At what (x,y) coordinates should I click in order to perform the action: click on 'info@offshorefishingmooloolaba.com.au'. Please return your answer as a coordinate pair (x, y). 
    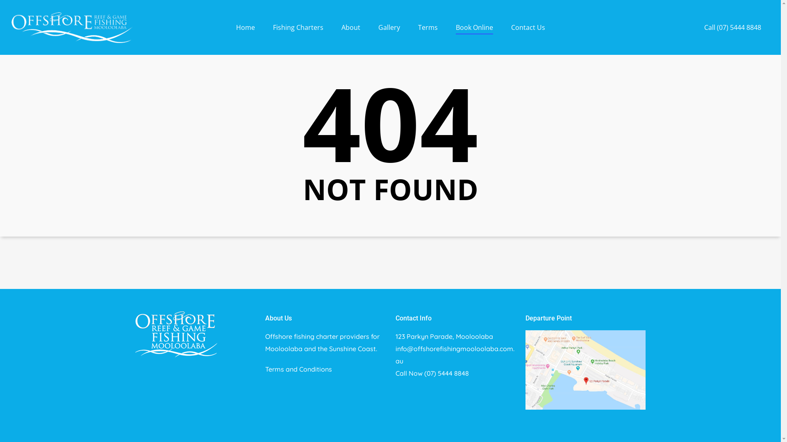
    Looking at the image, I should click on (454, 354).